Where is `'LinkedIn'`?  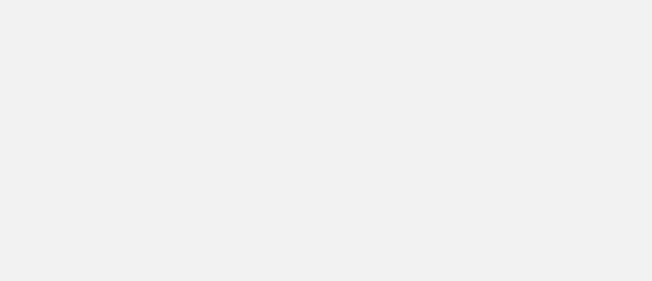
'LinkedIn' is located at coordinates (479, 55).